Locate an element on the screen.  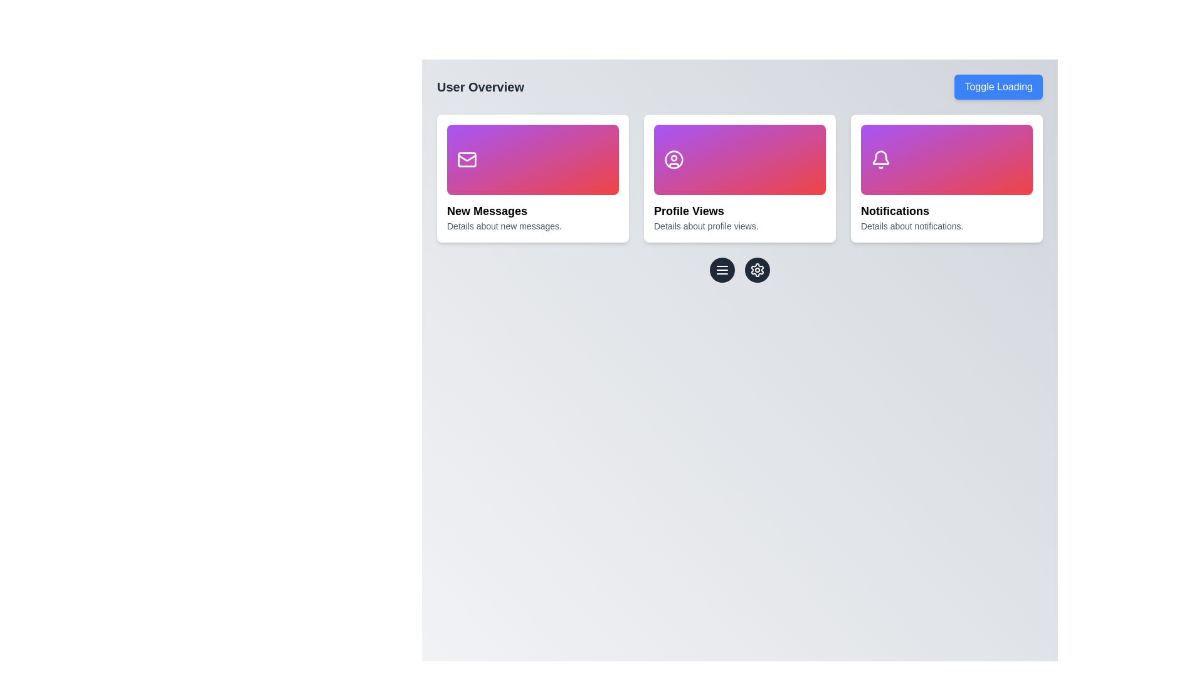
the Text label that serves as the title for the notifications information card, located in the third column under the bell icon is located at coordinates (894, 210).